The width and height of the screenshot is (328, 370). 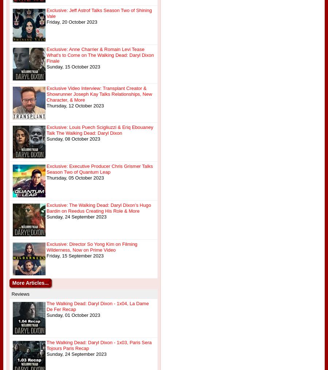 I want to click on 'Exclusive Video Interview: Transplant Creator & Showrunner Joseph Kay Talks Relationships, New Character, & More', so click(x=98, y=94).